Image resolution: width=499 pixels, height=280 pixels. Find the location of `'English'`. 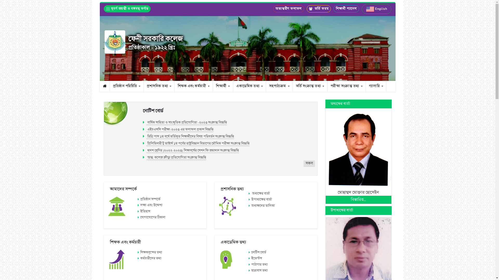

'English' is located at coordinates (362, 9).